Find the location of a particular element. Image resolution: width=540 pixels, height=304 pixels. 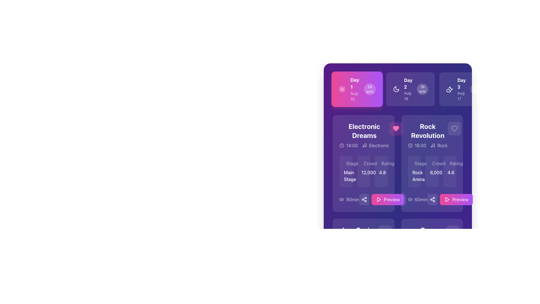

the label displaying the text 'Rock' with a music note icon, located to the right of the timestamp '16:00' in the 'Rock Revolution' section is located at coordinates (439, 145).